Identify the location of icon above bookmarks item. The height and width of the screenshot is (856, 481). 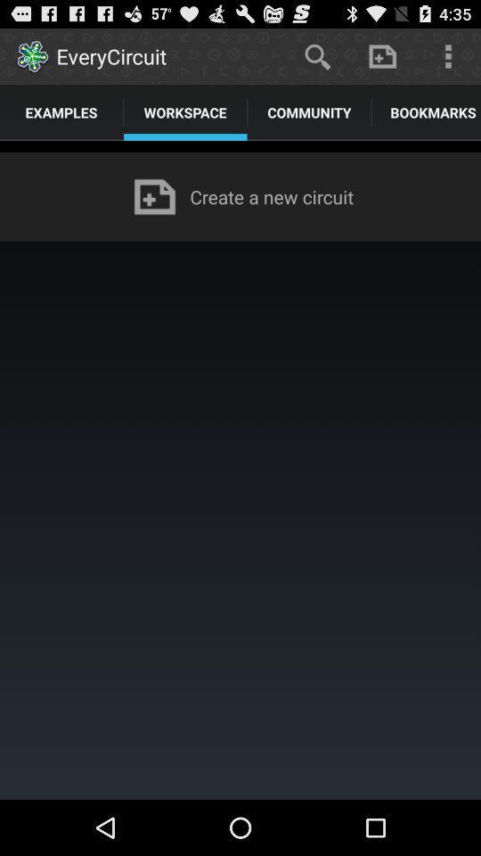
(447, 55).